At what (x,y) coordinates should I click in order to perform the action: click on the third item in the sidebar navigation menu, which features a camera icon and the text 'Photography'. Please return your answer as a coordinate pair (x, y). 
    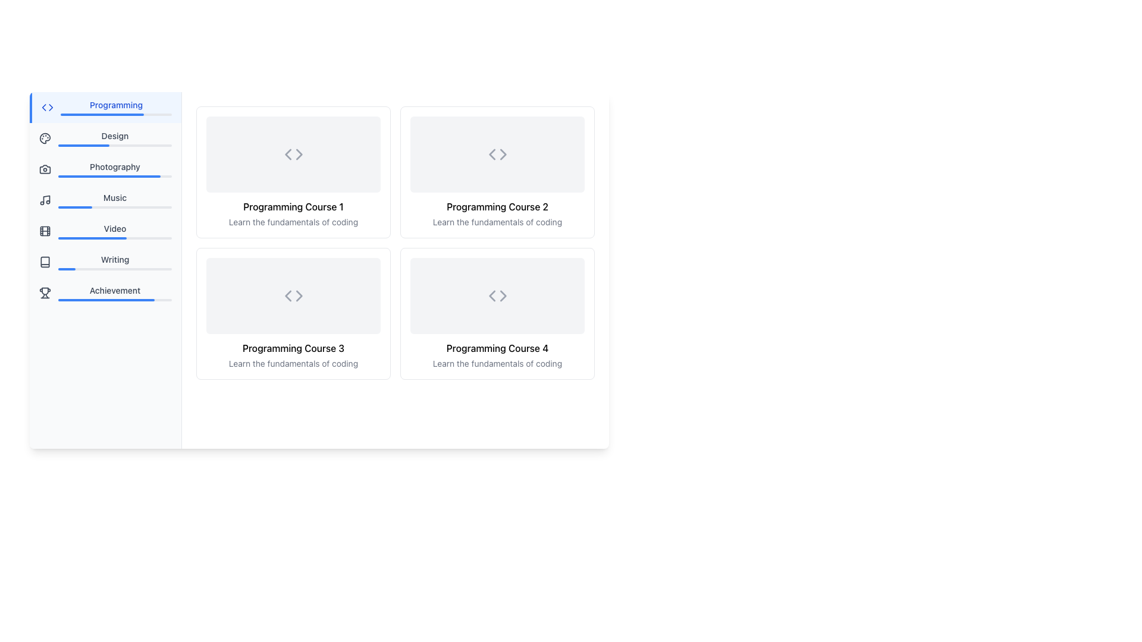
    Looking at the image, I should click on (105, 169).